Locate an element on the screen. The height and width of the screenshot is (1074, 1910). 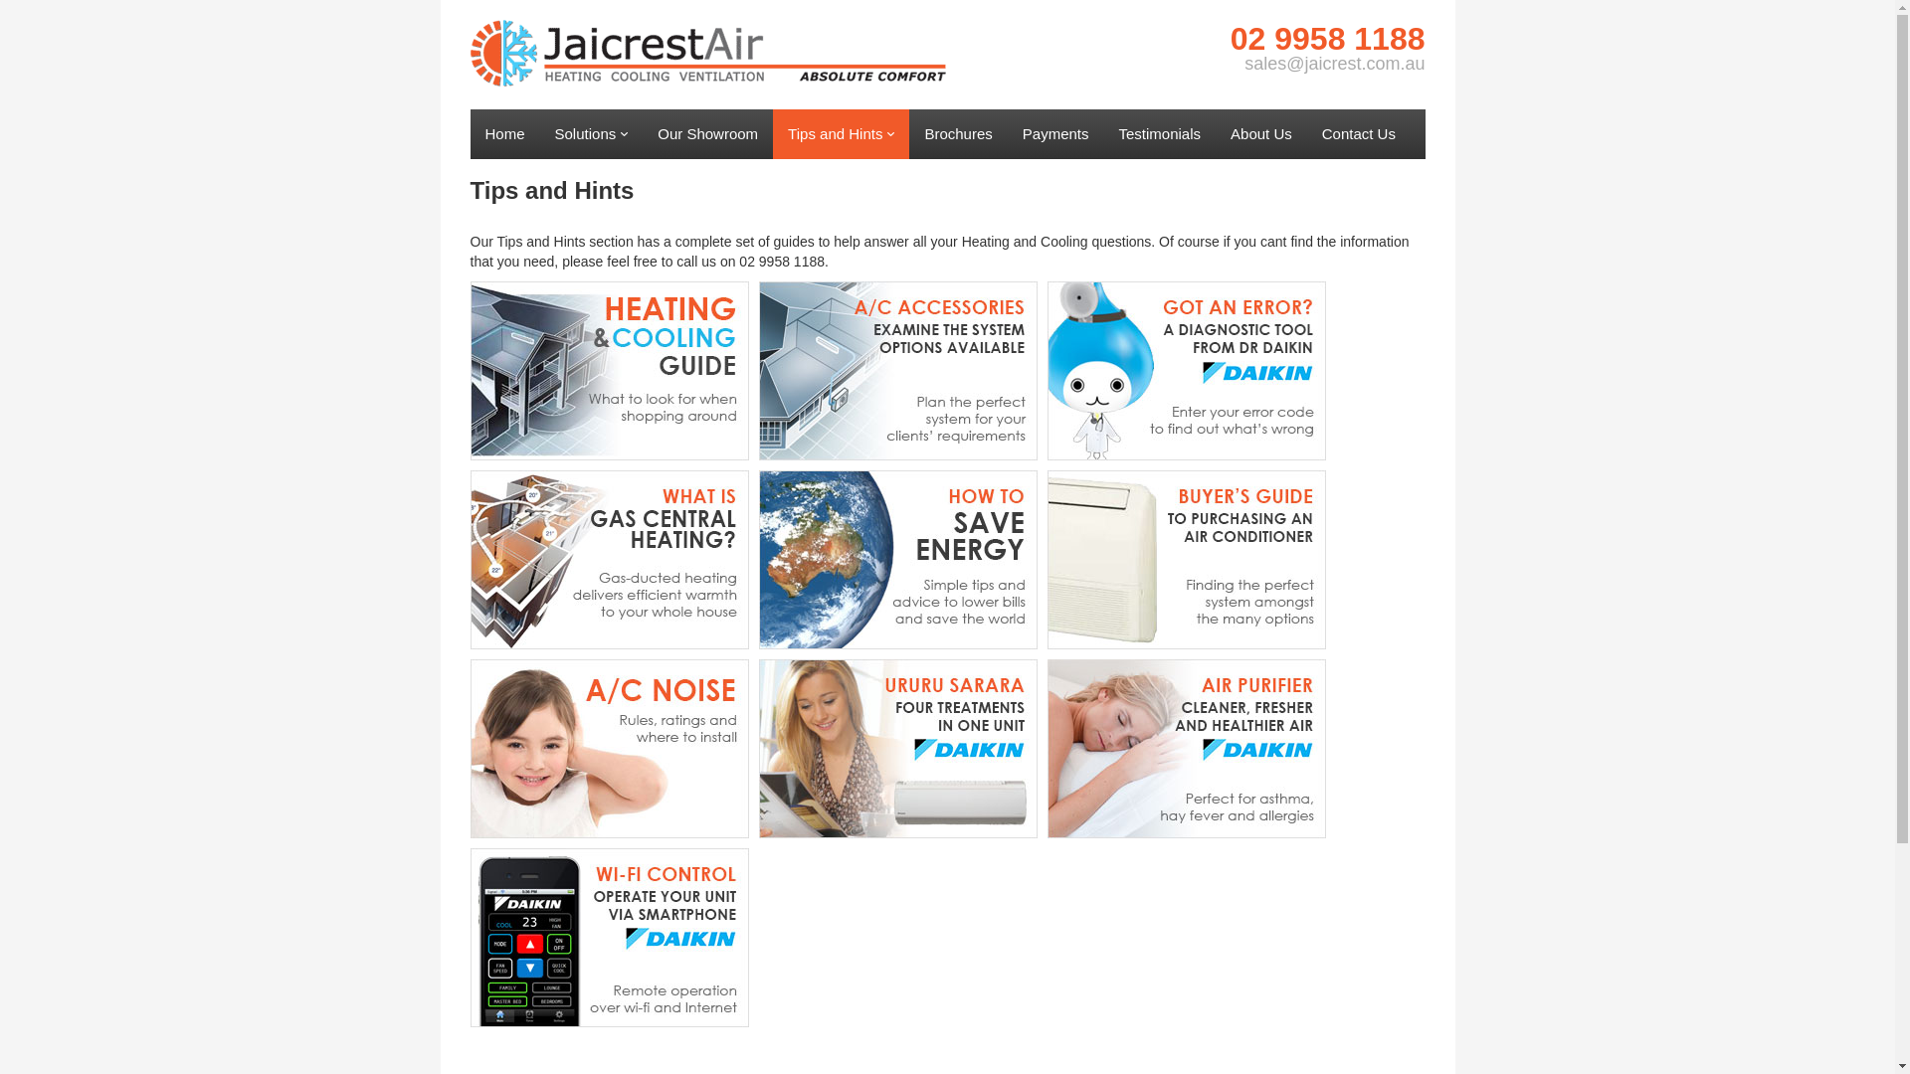
'About Us' is located at coordinates (1259, 134).